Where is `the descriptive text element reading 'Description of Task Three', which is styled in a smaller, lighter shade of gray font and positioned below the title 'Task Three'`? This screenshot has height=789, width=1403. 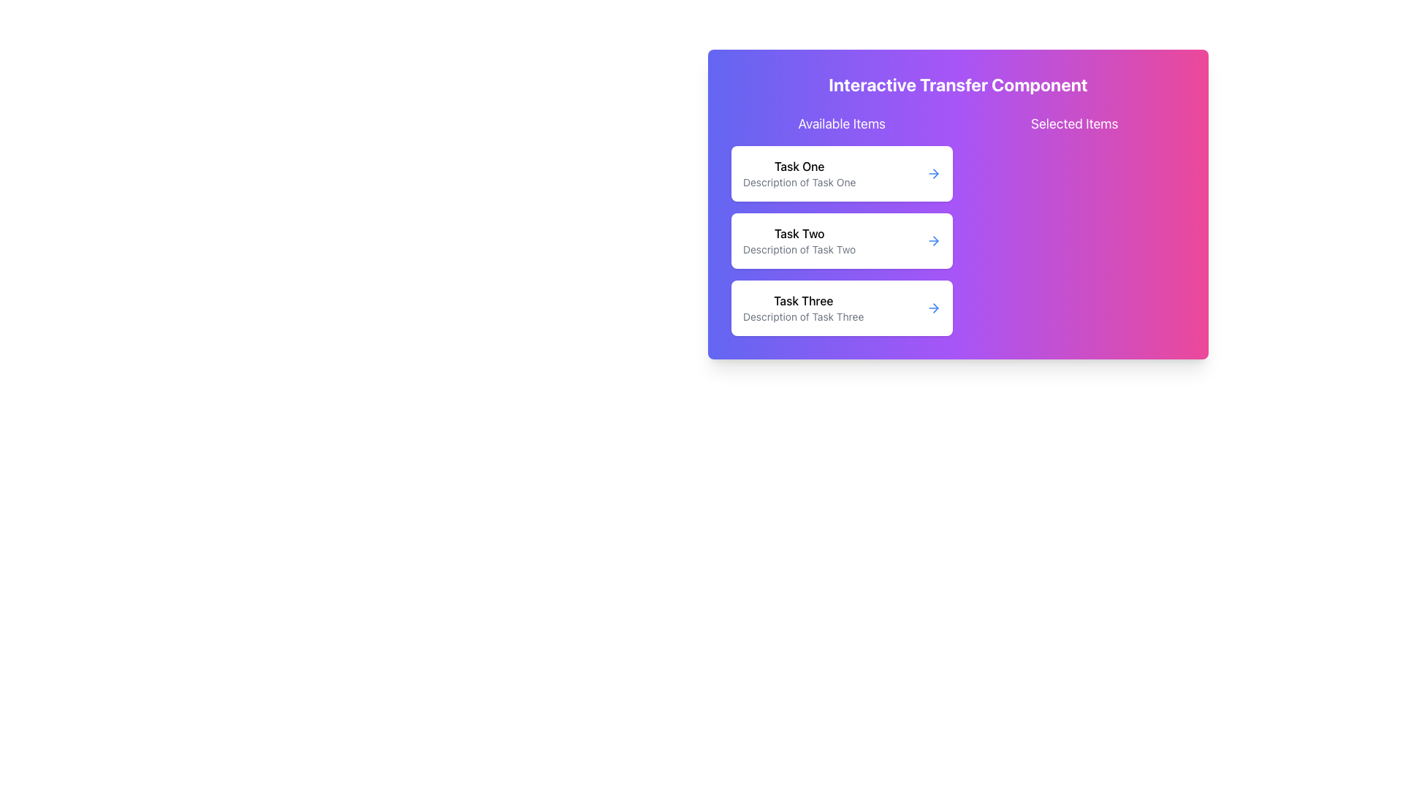
the descriptive text element reading 'Description of Task Three', which is styled in a smaller, lighter shade of gray font and positioned below the title 'Task Three' is located at coordinates (802, 316).